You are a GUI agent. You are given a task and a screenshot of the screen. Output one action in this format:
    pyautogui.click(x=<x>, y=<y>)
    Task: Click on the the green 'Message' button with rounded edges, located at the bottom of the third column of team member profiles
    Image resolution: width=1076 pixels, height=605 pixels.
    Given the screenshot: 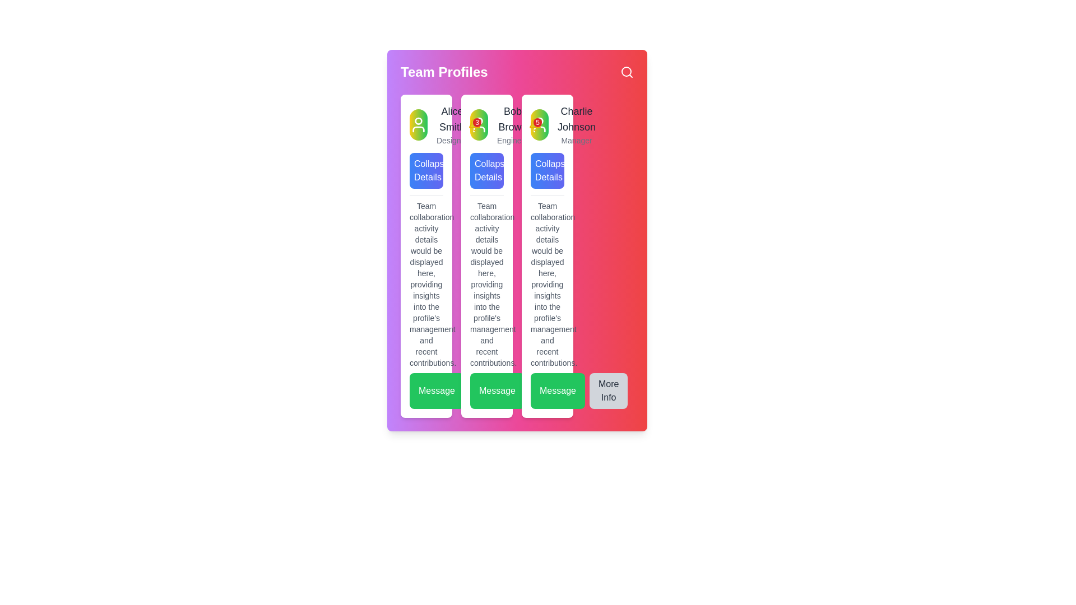 What is the action you would take?
    pyautogui.click(x=548, y=390)
    